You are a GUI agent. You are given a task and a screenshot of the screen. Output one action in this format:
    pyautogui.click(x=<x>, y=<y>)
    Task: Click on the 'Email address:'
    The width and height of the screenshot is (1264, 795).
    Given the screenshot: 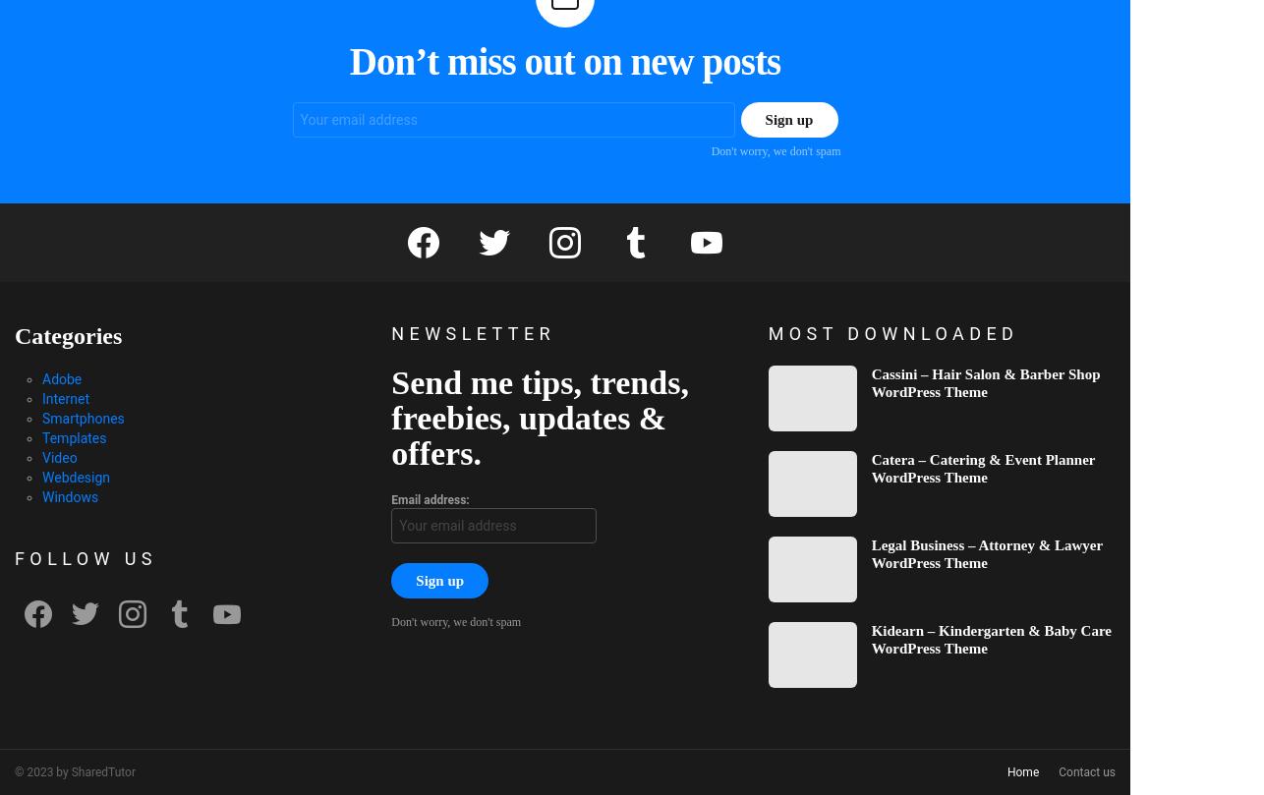 What is the action you would take?
    pyautogui.click(x=429, y=497)
    